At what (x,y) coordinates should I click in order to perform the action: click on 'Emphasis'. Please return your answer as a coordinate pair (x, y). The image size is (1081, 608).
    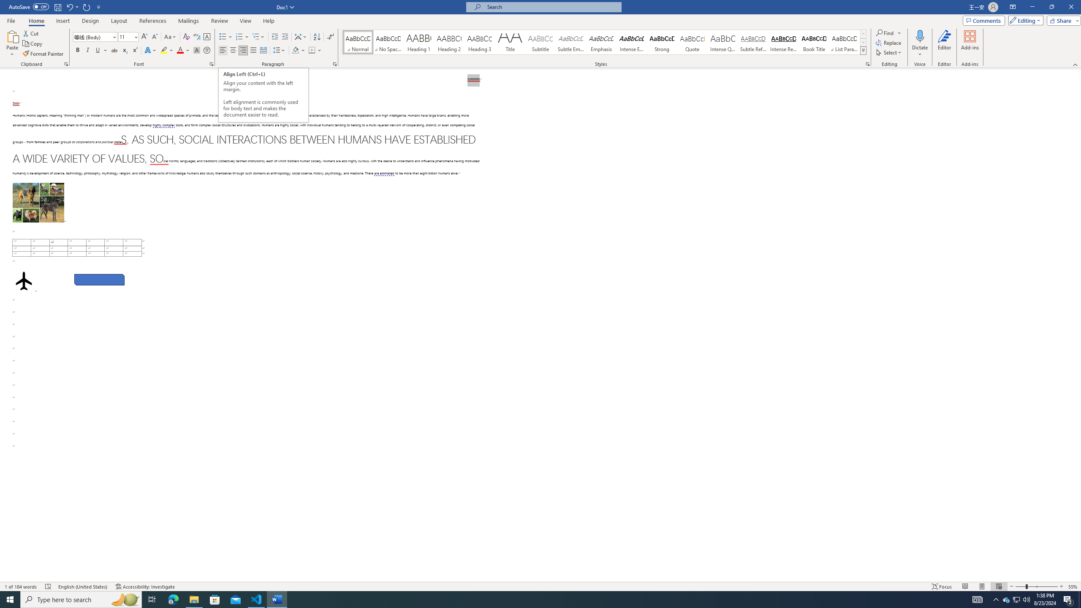
    Looking at the image, I should click on (600, 42).